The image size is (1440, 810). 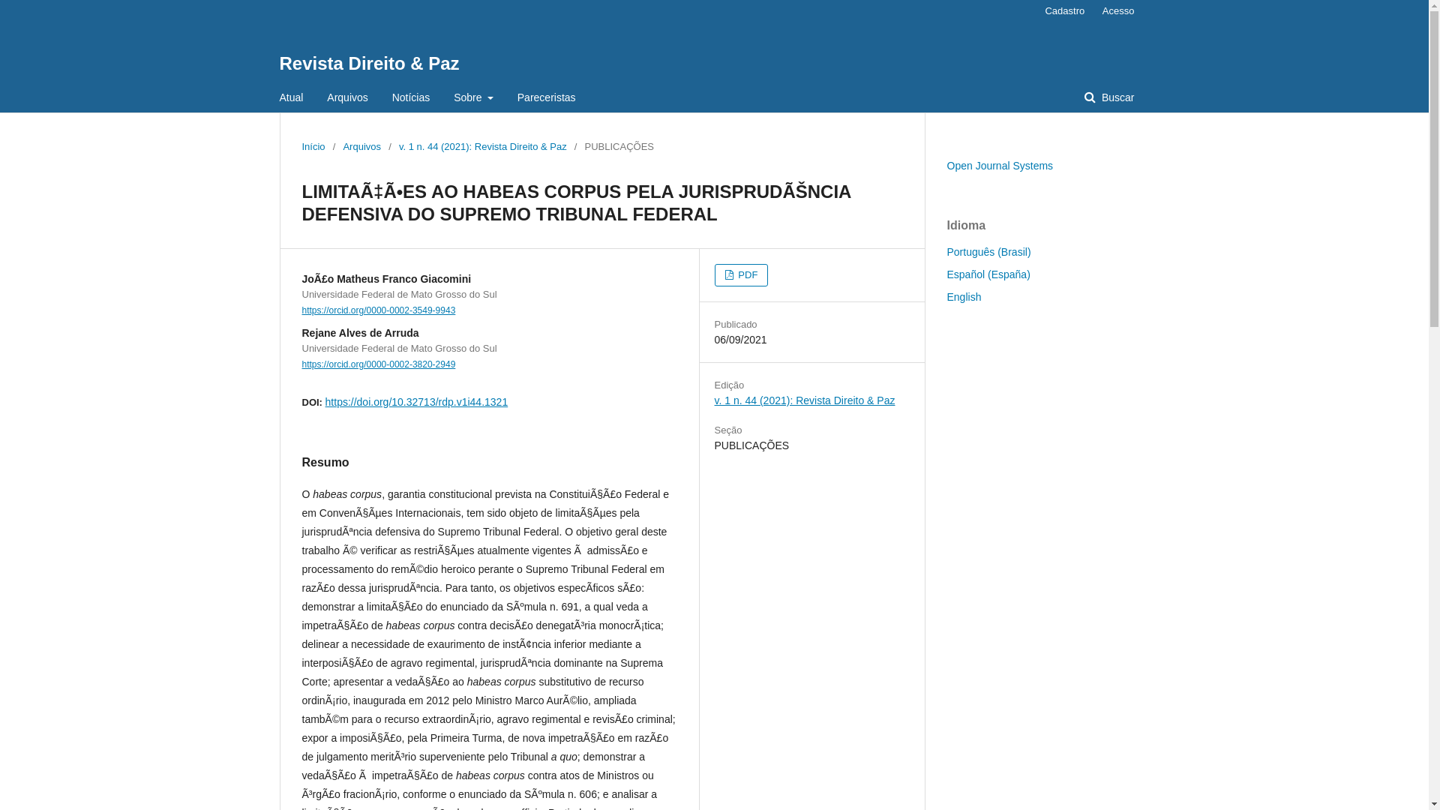 What do you see at coordinates (301, 364) in the screenshot?
I see `'https://orcid.org/0000-0002-3820-2949'` at bounding box center [301, 364].